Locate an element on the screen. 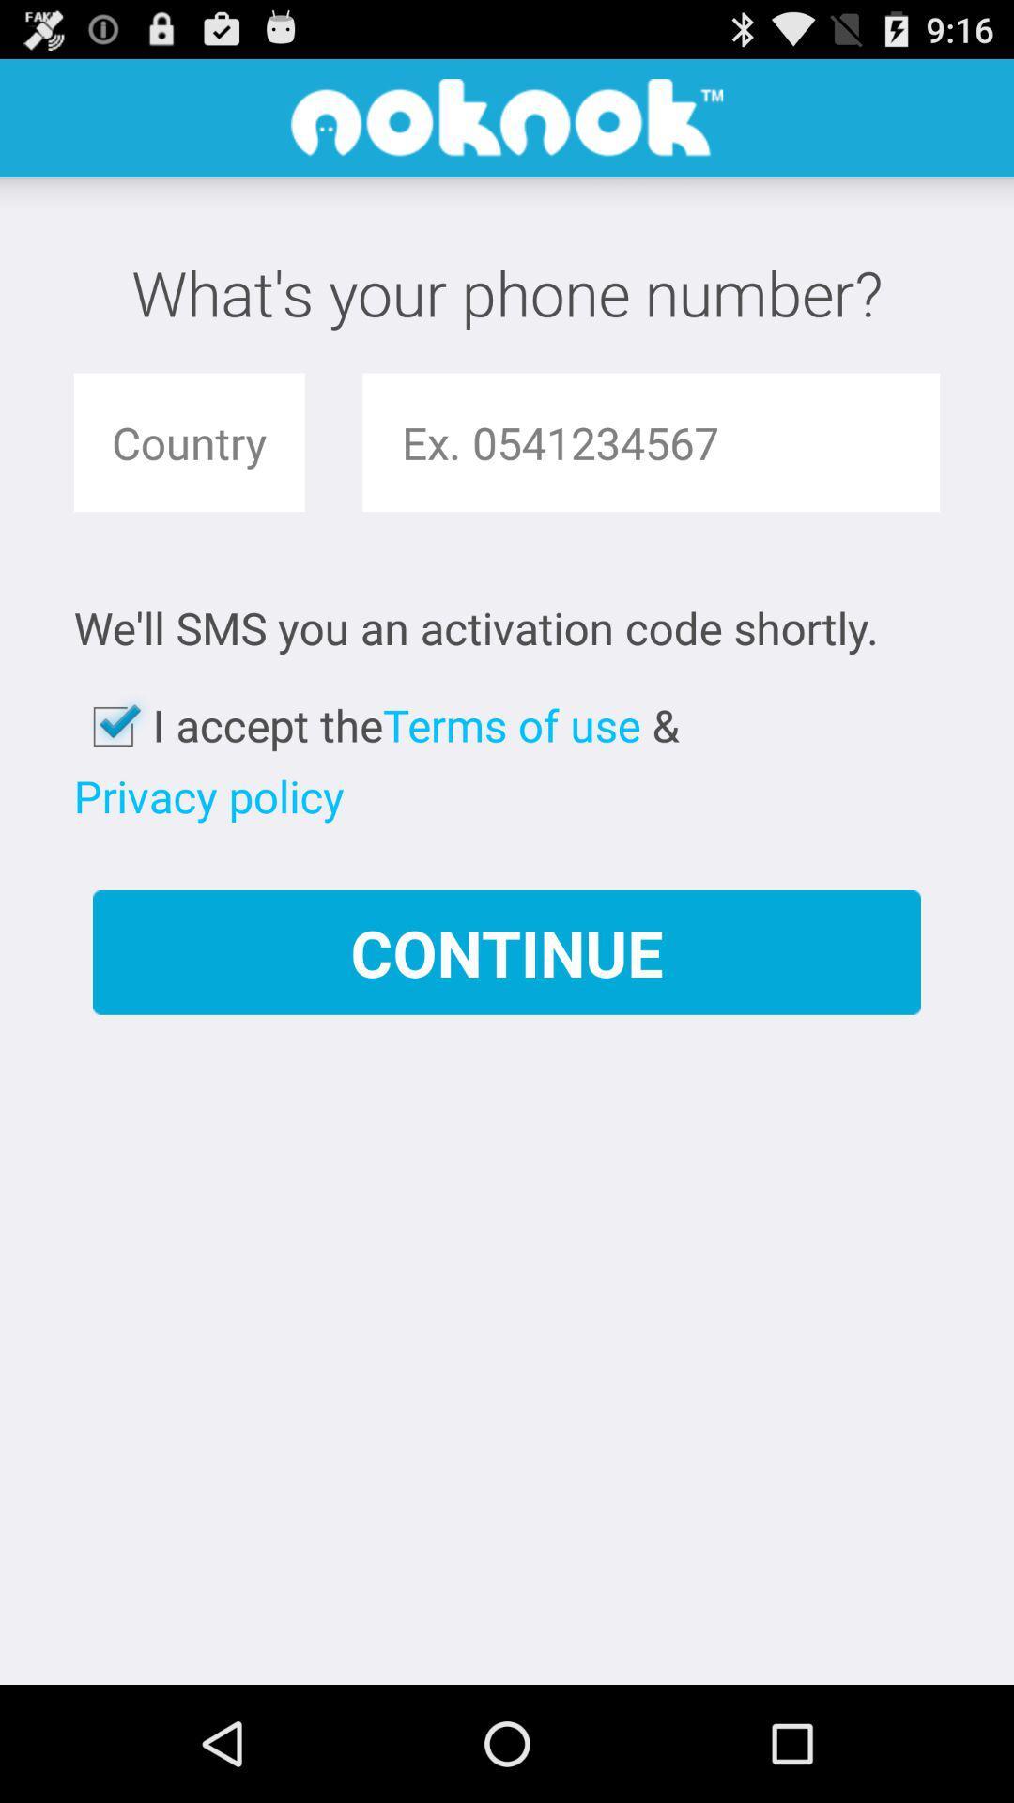  item below privacy policy app is located at coordinates (507, 952).